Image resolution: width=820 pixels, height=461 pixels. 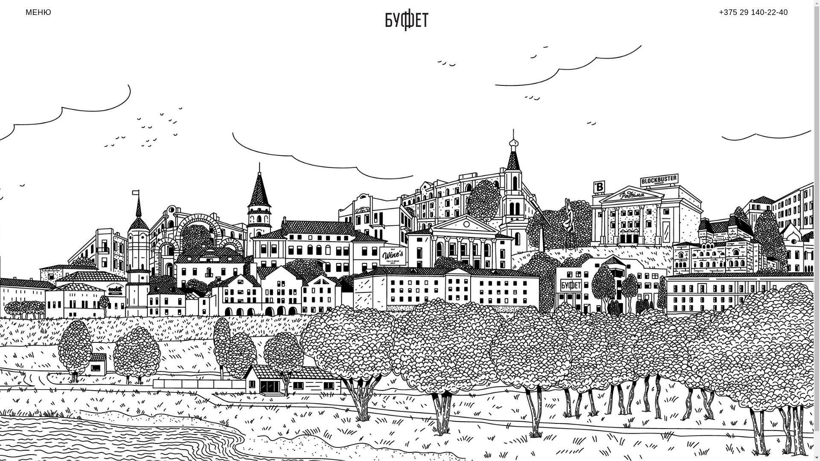 I want to click on '+375 29 140-22-40', so click(x=719, y=12).